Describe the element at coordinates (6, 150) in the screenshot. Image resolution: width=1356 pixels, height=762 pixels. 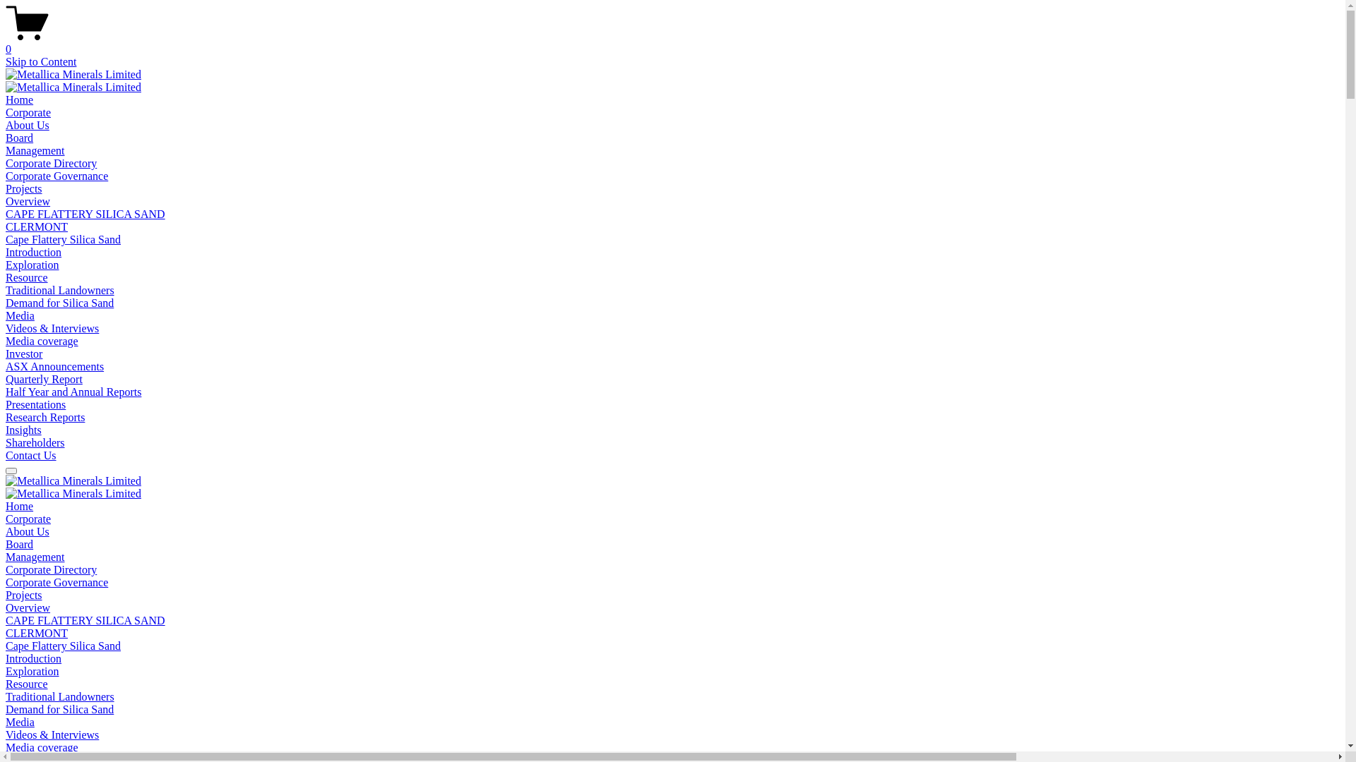
I see `'Management'` at that location.